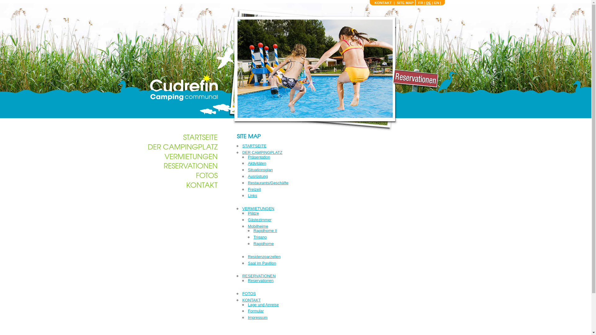  Describe the element at coordinates (264, 257) in the screenshot. I see `'Residenzparzellen'` at that location.